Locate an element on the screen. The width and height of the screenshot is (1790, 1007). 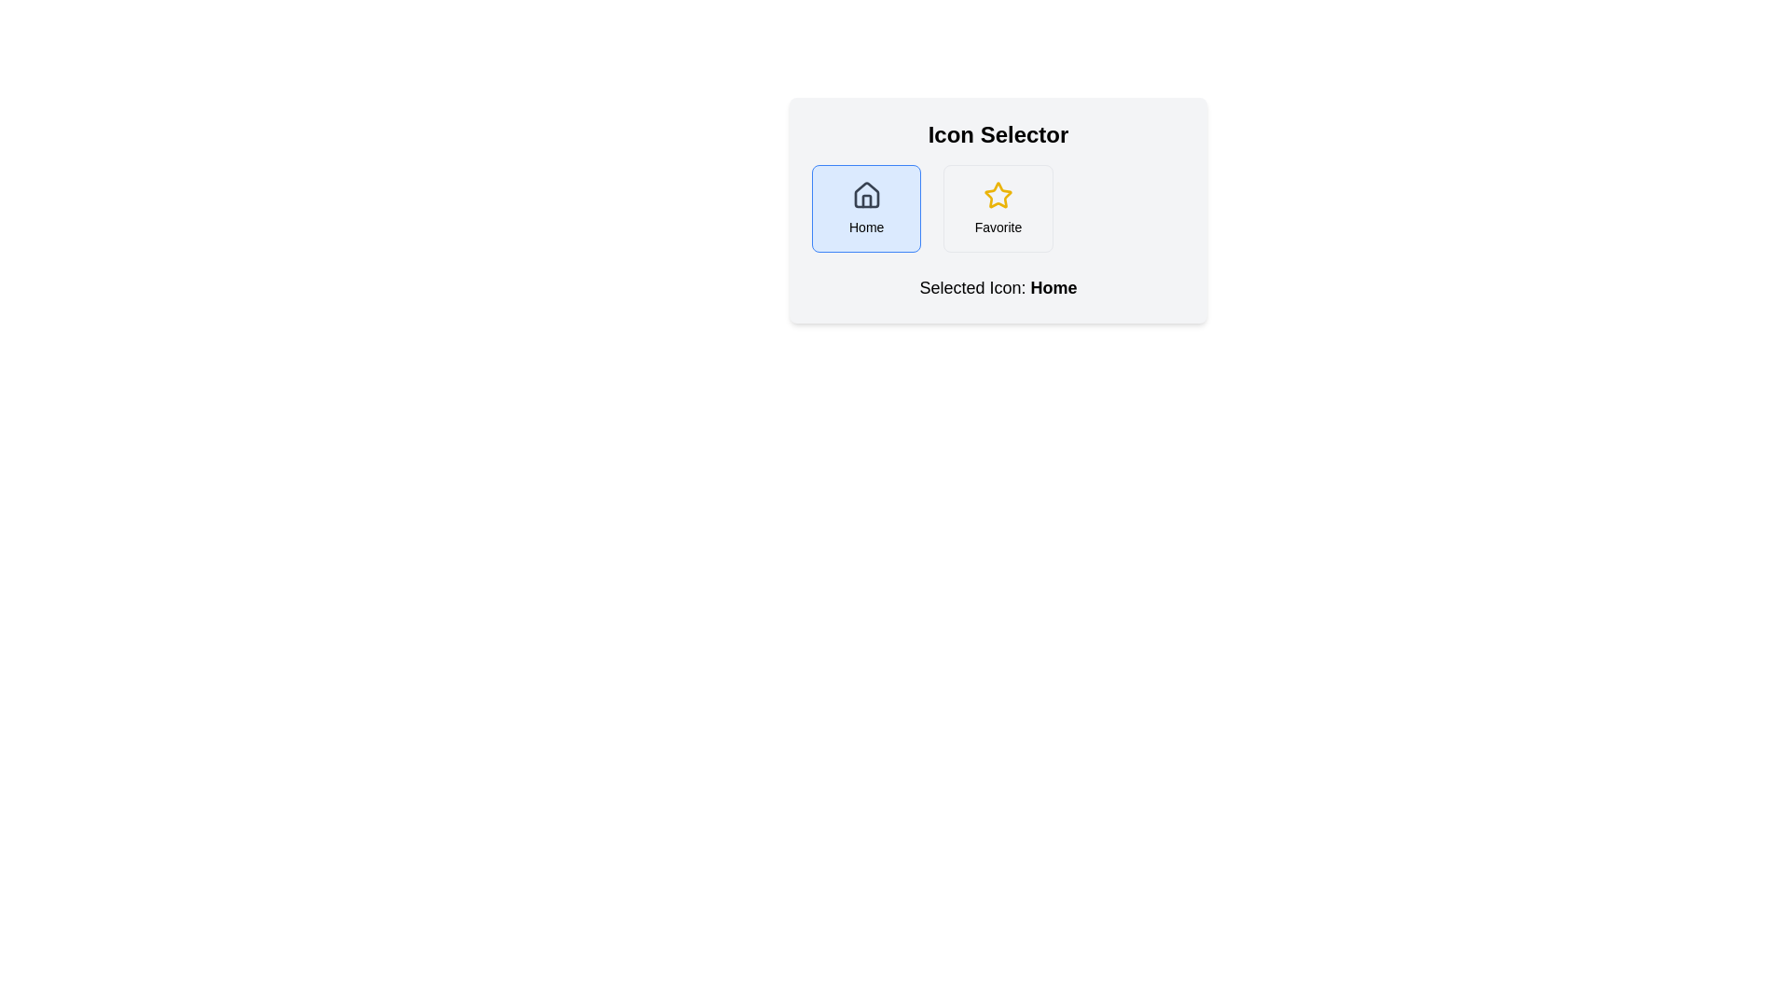
the yellow star-shaped icon located at the center of the 'Favorite' button is located at coordinates (997, 195).